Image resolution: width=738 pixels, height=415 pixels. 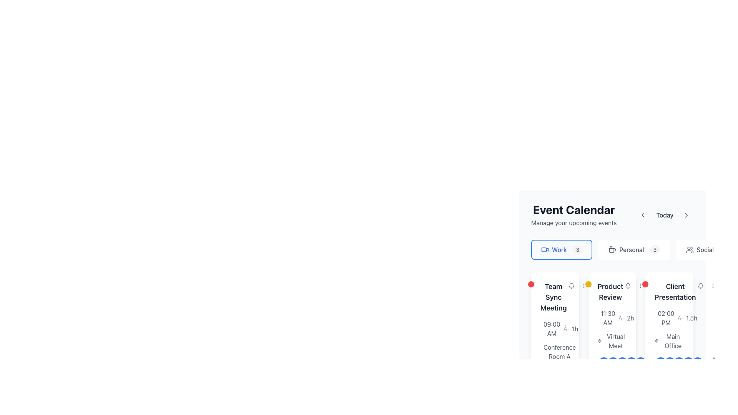 What do you see at coordinates (643, 215) in the screenshot?
I see `the left-pointing chevron icon in the header section of the 'Event Calendar' interface` at bounding box center [643, 215].